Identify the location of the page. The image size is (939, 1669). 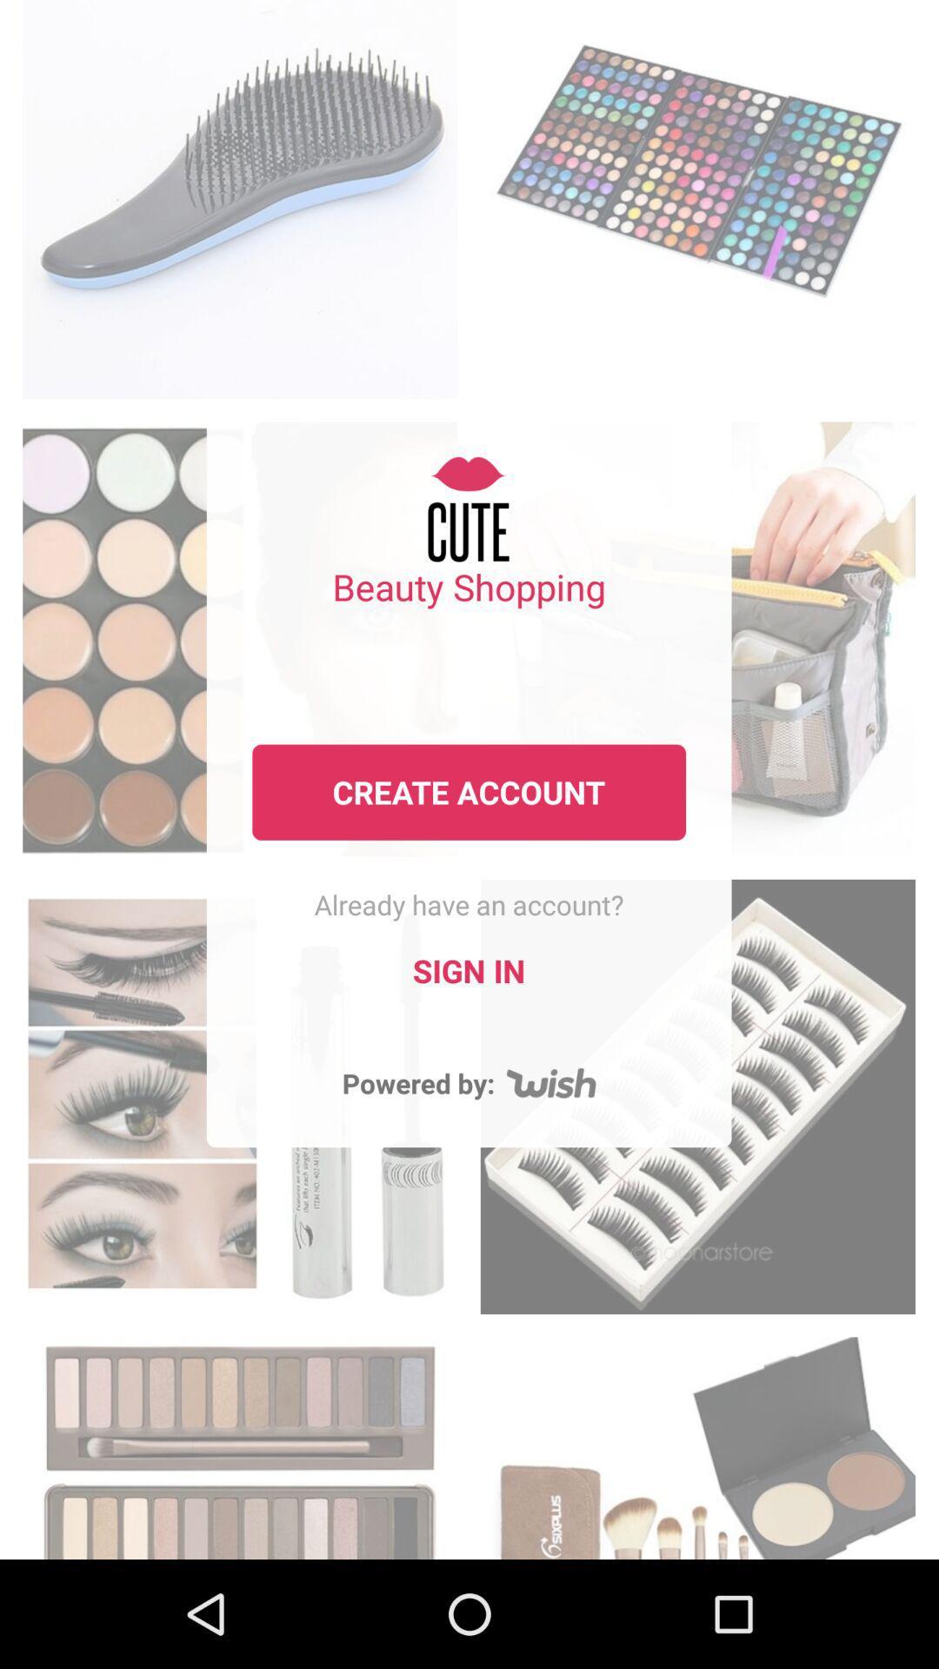
(240, 1443).